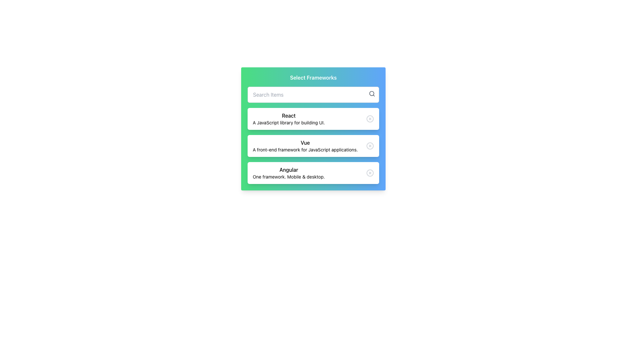 The height and width of the screenshot is (348, 619). Describe the element at coordinates (313, 146) in the screenshot. I see `the second informational card describing the 'Vue' framework, which features a bold heading and descriptive text, styled within a white rectangular card with rounded corners` at that location.